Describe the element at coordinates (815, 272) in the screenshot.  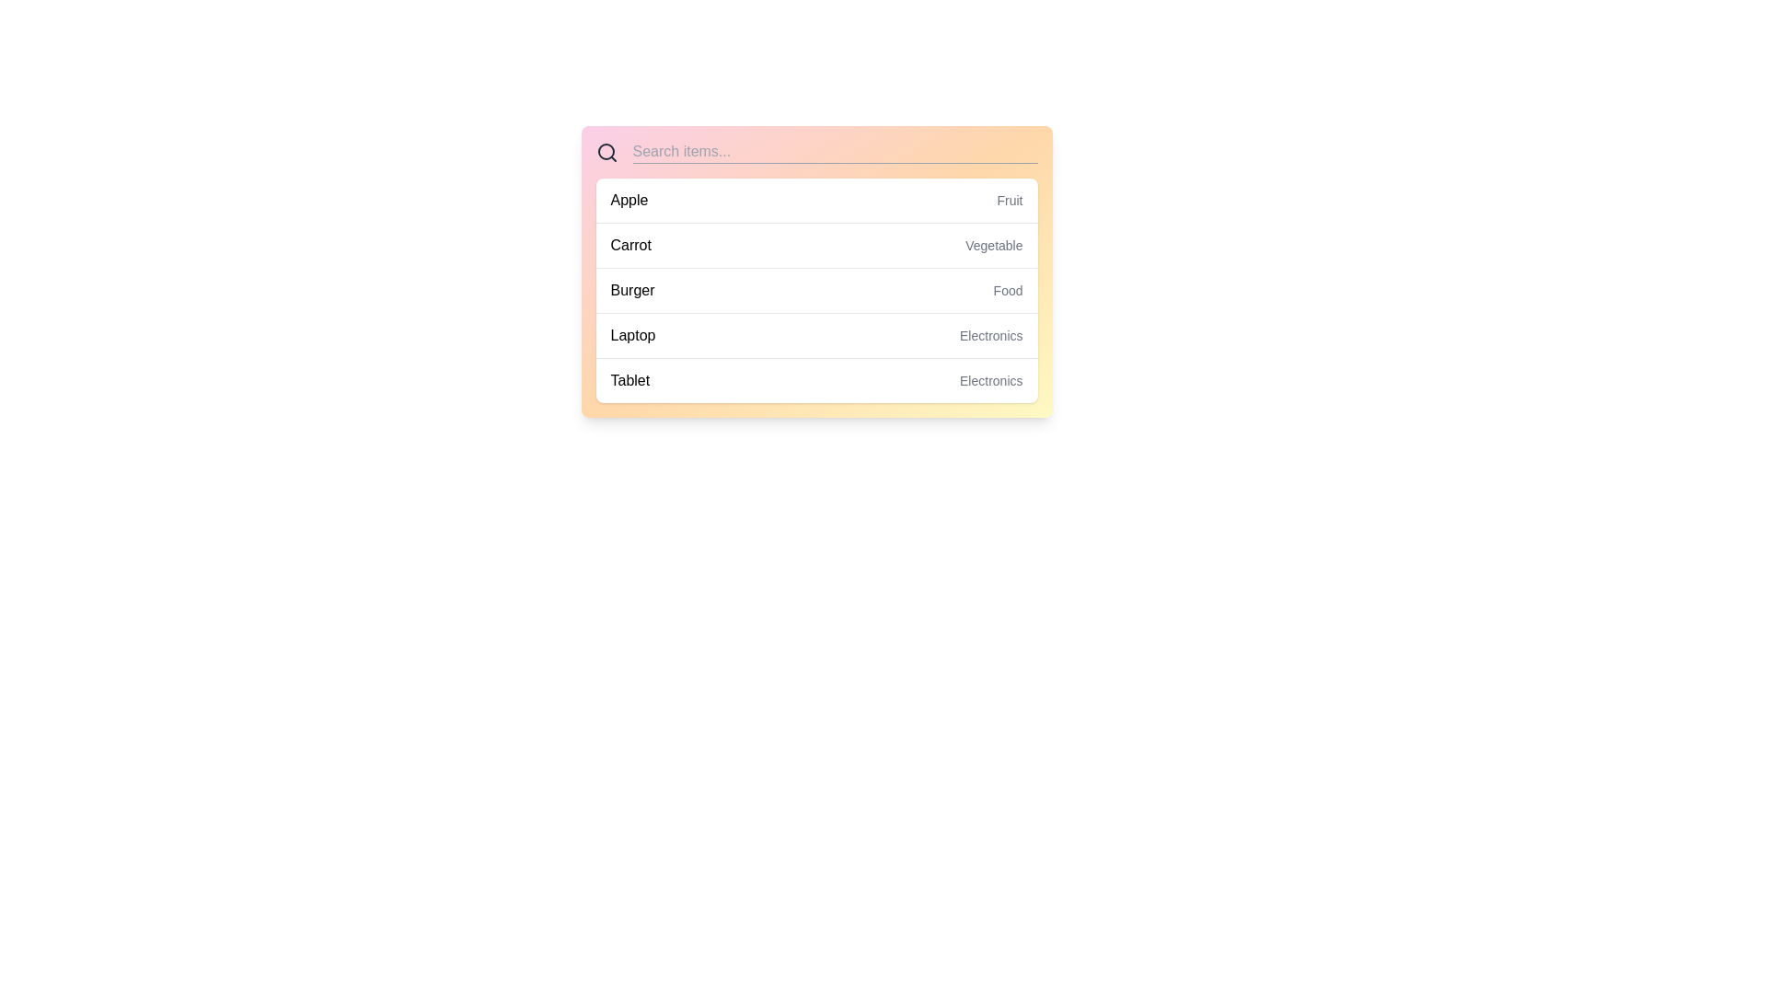
I see `the third list item labeled 'Burger'` at that location.